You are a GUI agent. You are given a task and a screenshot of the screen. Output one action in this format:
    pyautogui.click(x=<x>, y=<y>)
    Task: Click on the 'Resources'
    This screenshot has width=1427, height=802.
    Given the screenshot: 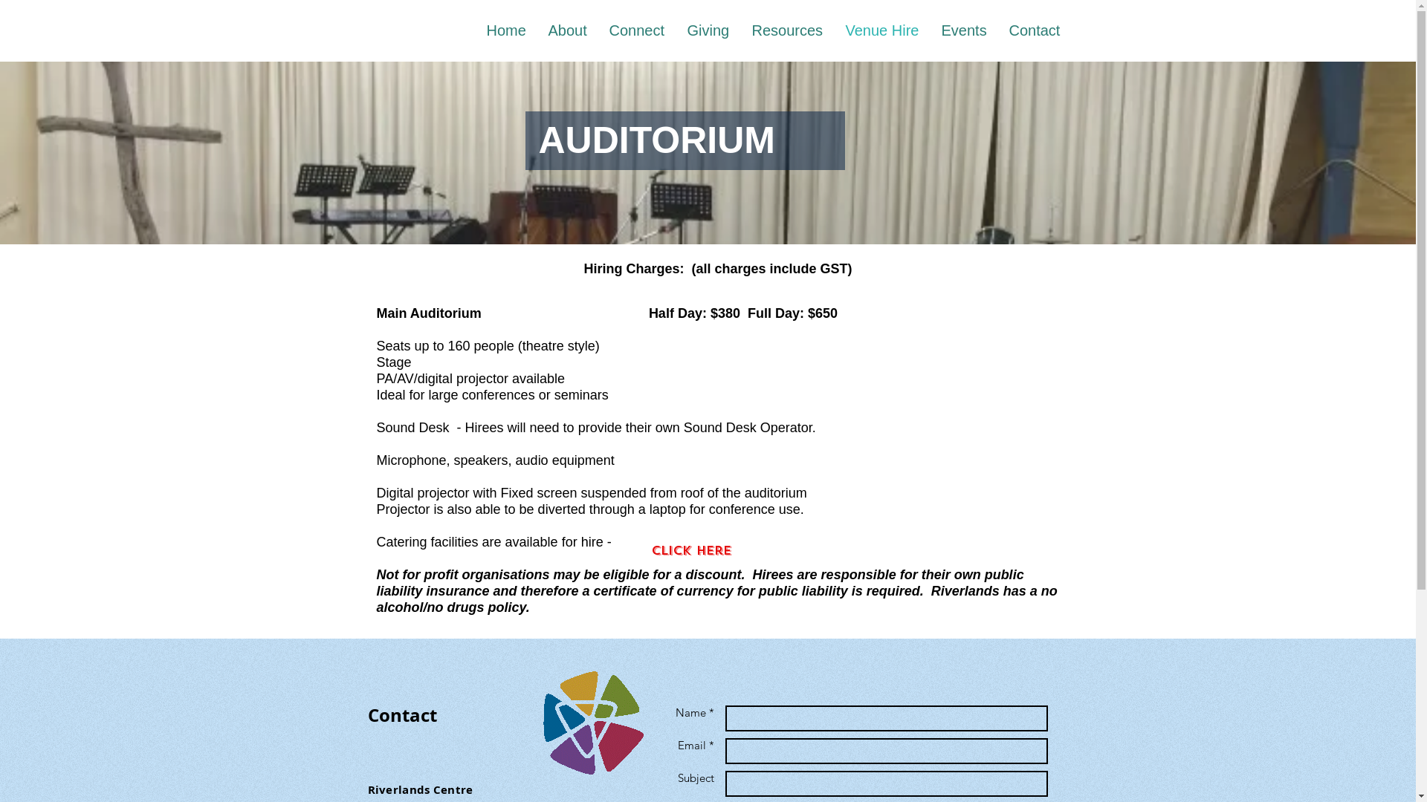 What is the action you would take?
    pyautogui.click(x=786, y=30)
    